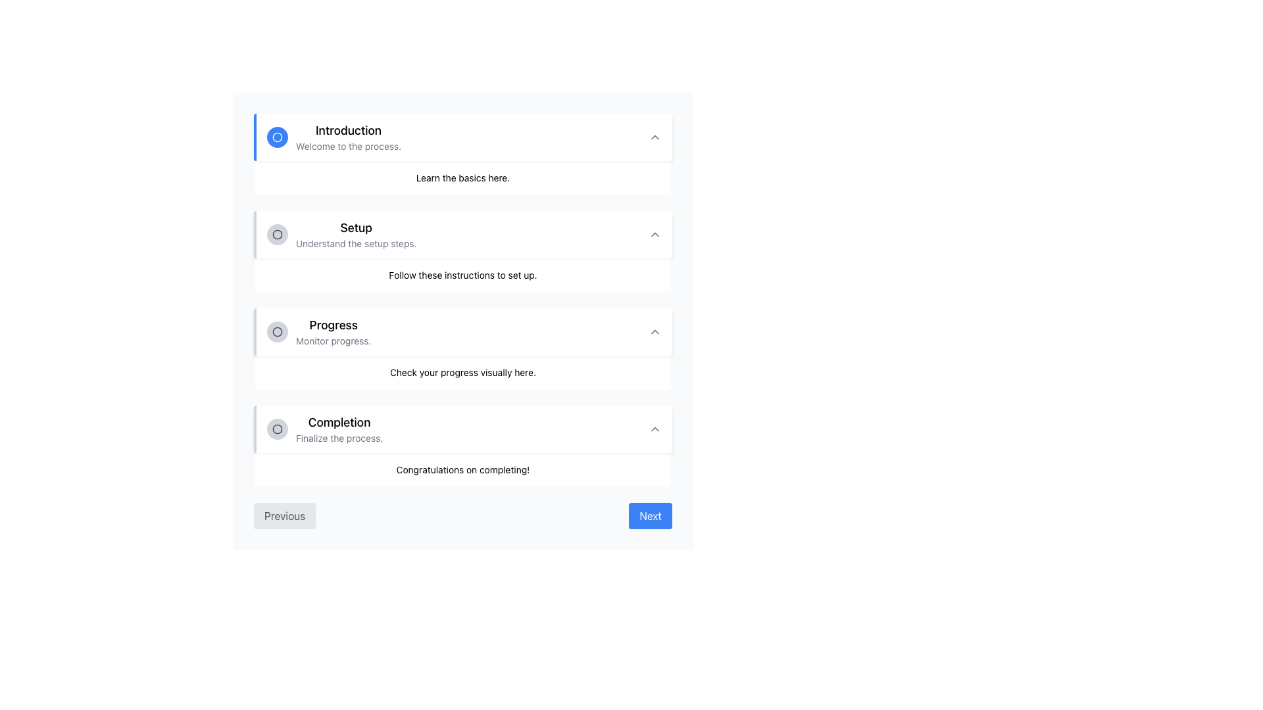  What do you see at coordinates (339, 423) in the screenshot?
I see `the Text Header indicating the title of the step labeled 'Completion' in the multi-step process interface` at bounding box center [339, 423].